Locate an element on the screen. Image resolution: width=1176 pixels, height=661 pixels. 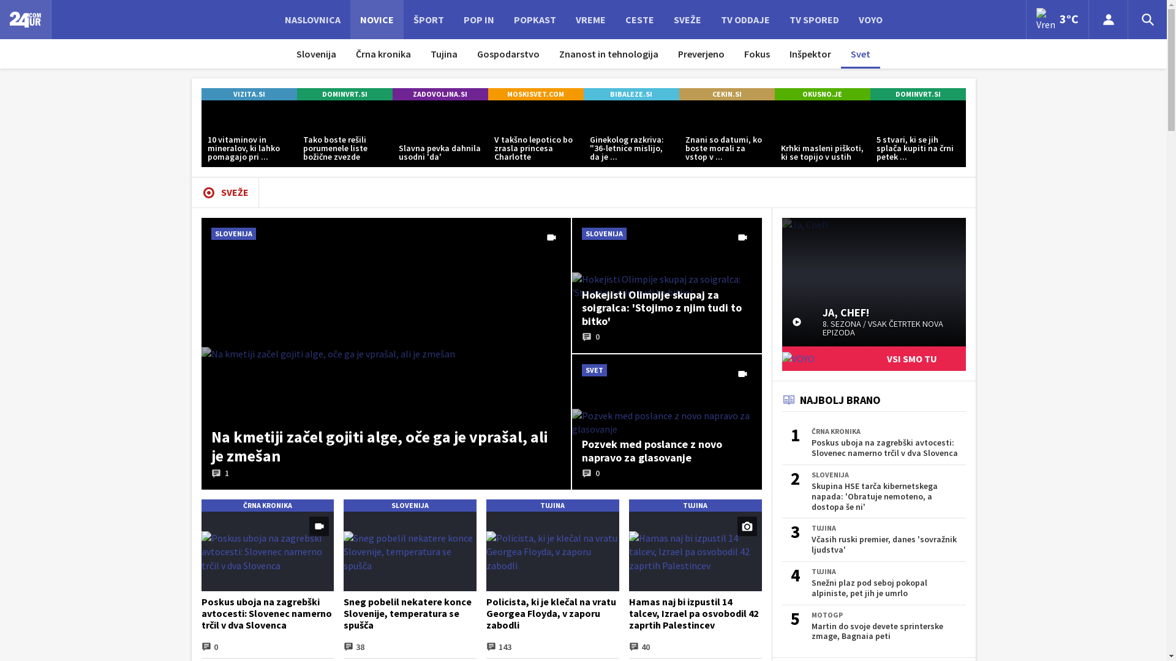
'Tujina' is located at coordinates (443, 53).